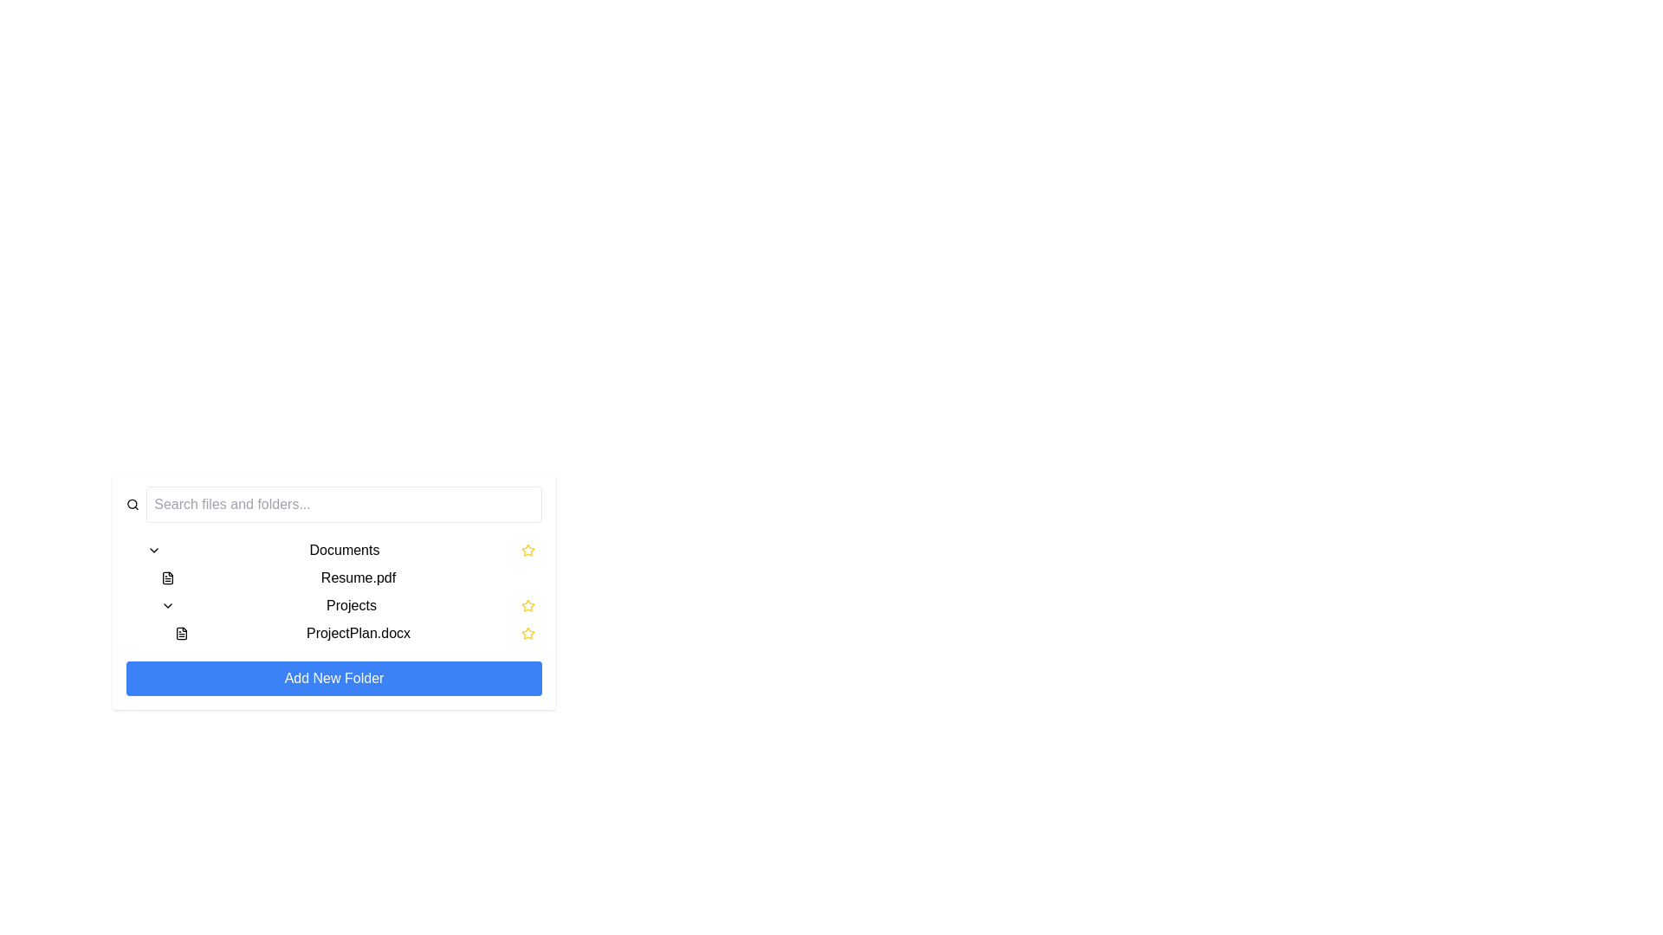 The height and width of the screenshot is (935, 1663). What do you see at coordinates (153, 551) in the screenshot?
I see `the downward-facing triangular arrow SVG icon located to the left of the 'Documents' label` at bounding box center [153, 551].